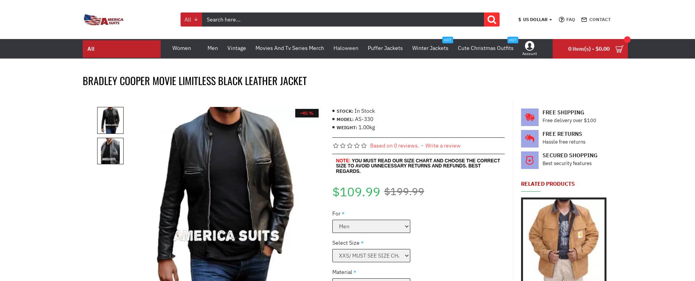  Describe the element at coordinates (569, 155) in the screenshot. I see `'Secured Shopping'` at that location.